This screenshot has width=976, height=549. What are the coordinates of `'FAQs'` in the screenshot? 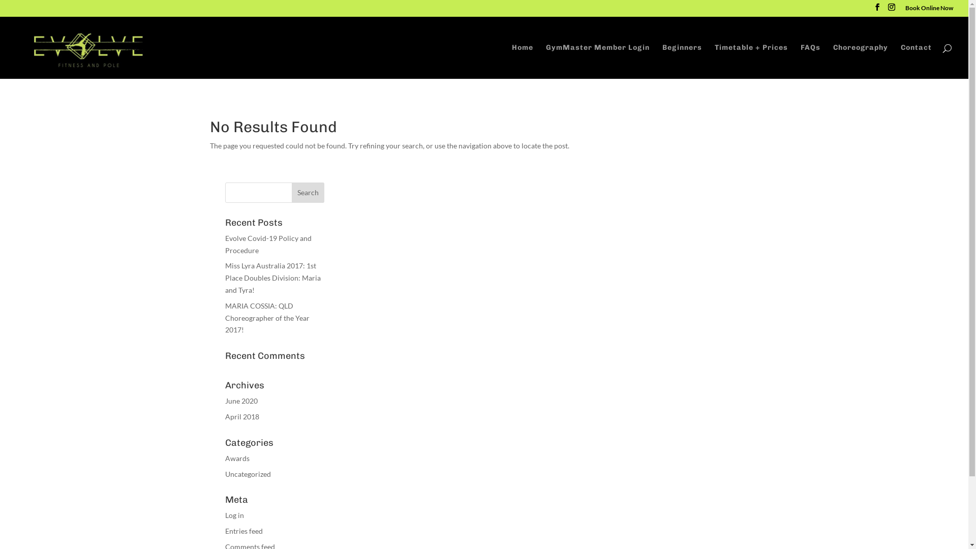 It's located at (810, 60).